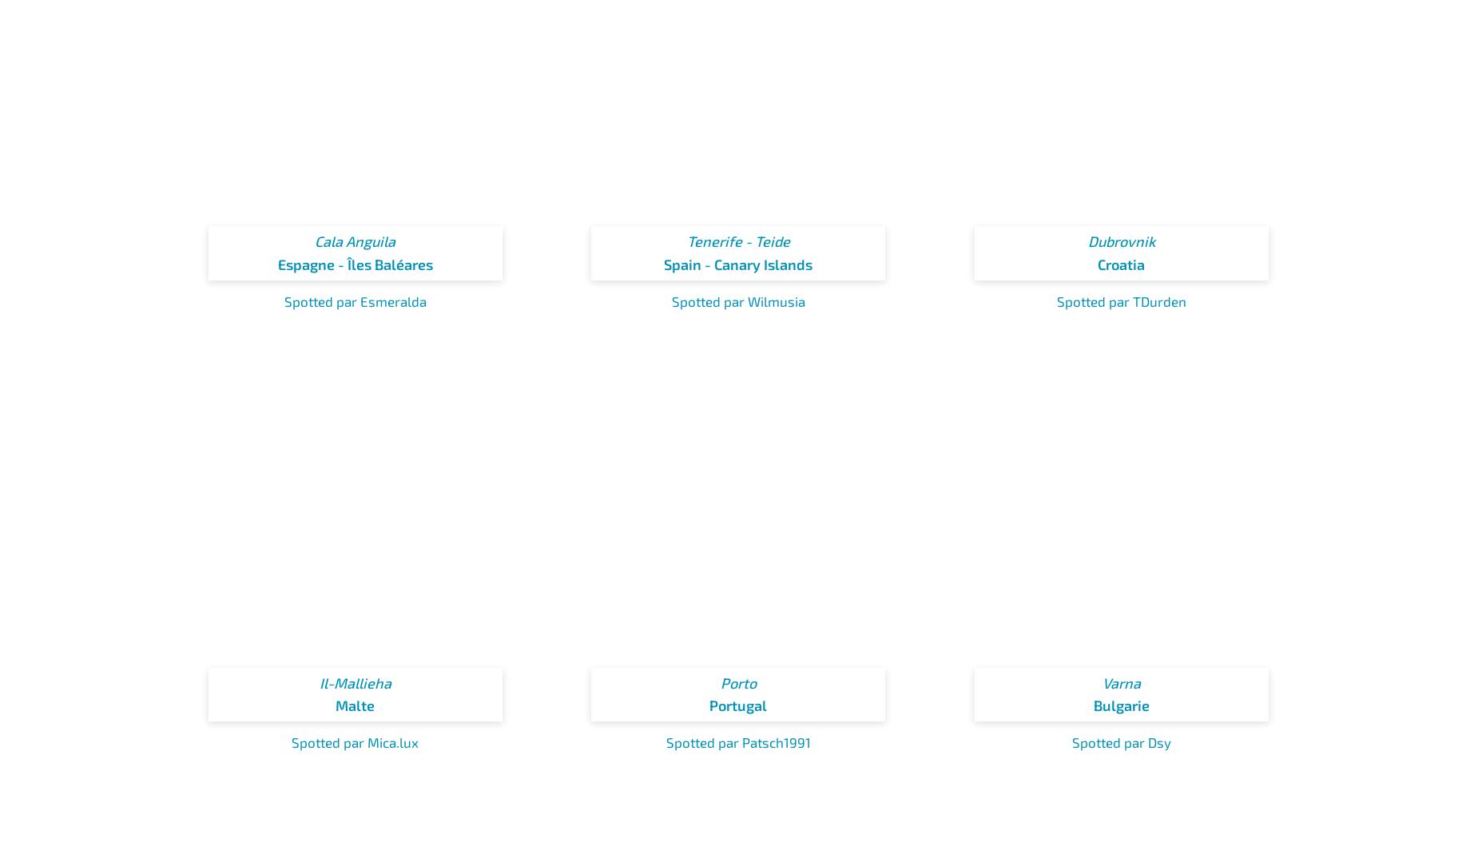  Describe the element at coordinates (354, 300) in the screenshot. I see `'Spotted par Esmeralda'` at that location.